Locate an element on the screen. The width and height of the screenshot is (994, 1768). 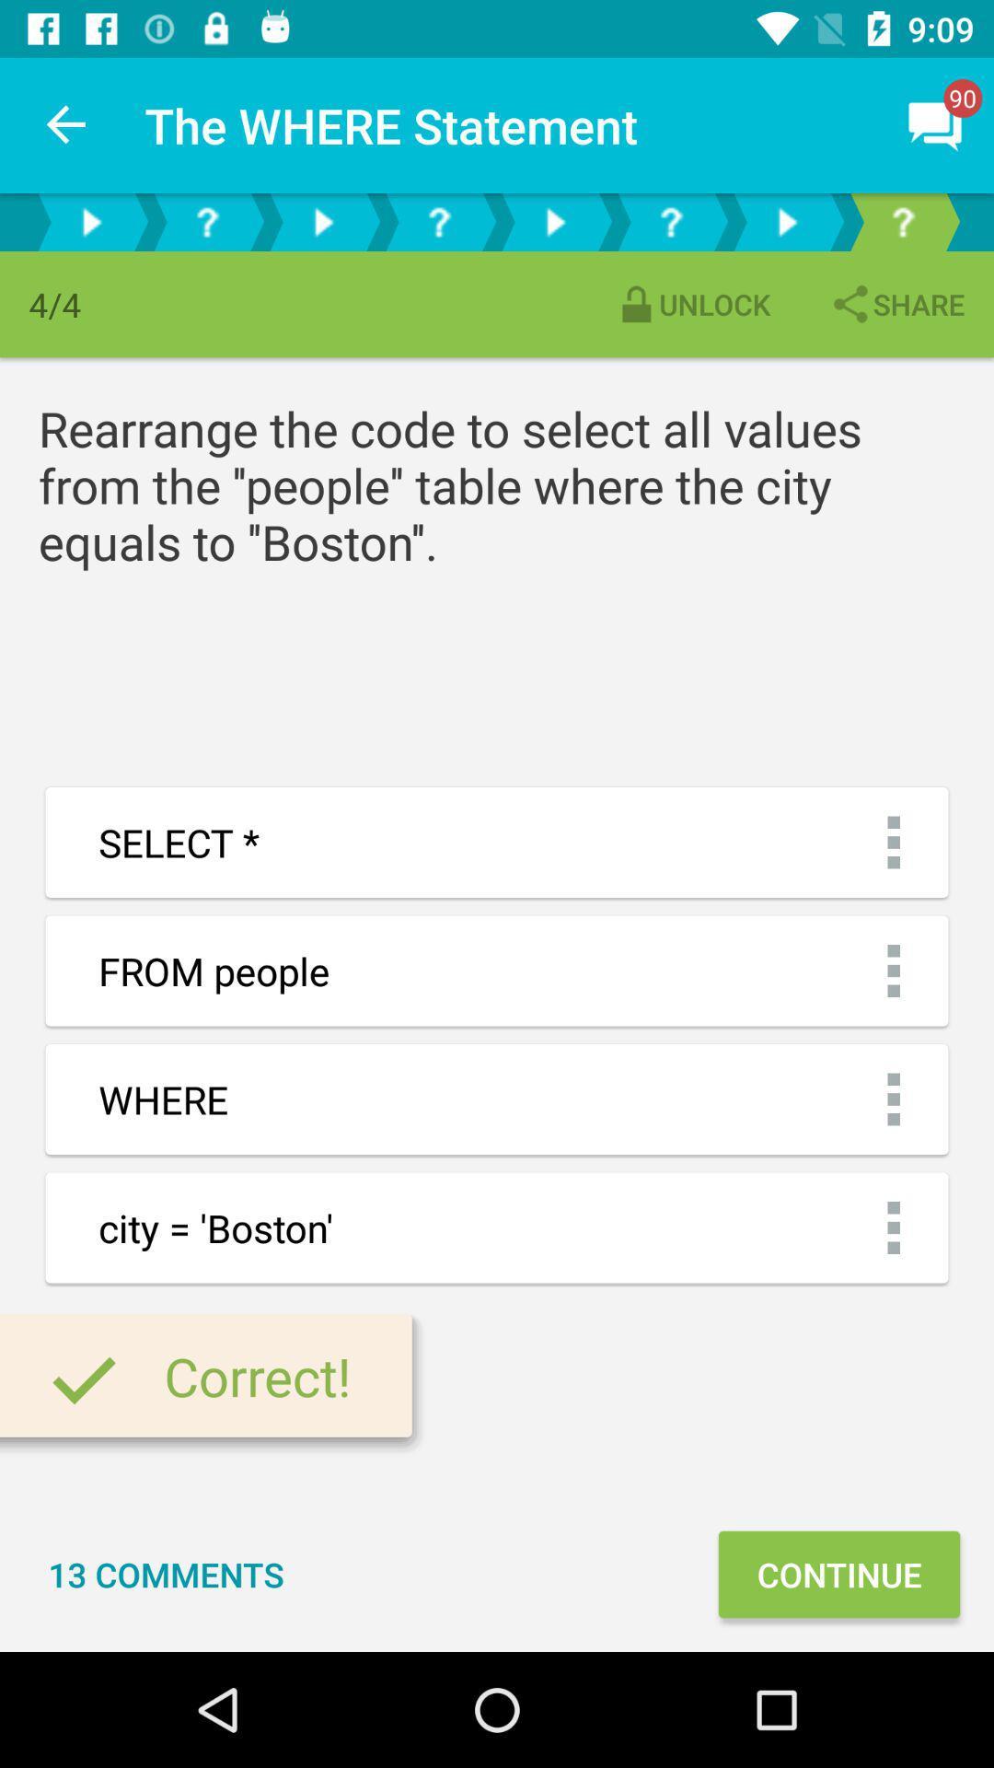
help is located at coordinates (206, 221).